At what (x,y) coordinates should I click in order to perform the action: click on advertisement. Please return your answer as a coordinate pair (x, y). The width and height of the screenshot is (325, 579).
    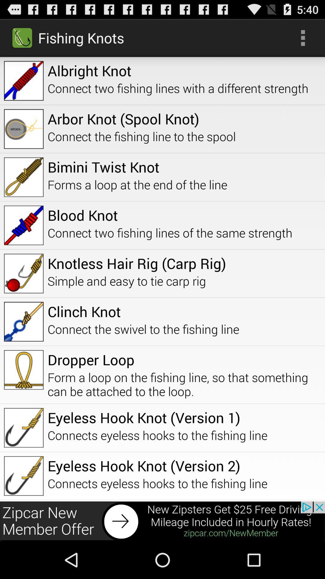
    Looking at the image, I should click on (162, 521).